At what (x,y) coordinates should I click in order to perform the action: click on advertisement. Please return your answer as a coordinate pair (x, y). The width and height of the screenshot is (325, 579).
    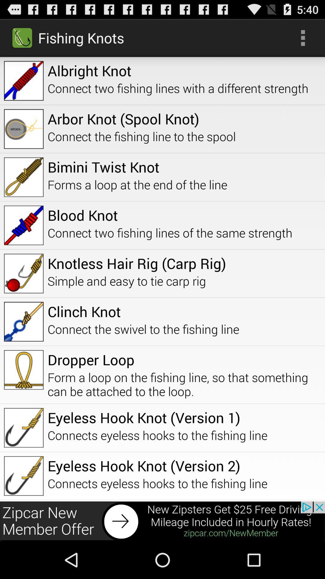
    Looking at the image, I should click on (162, 521).